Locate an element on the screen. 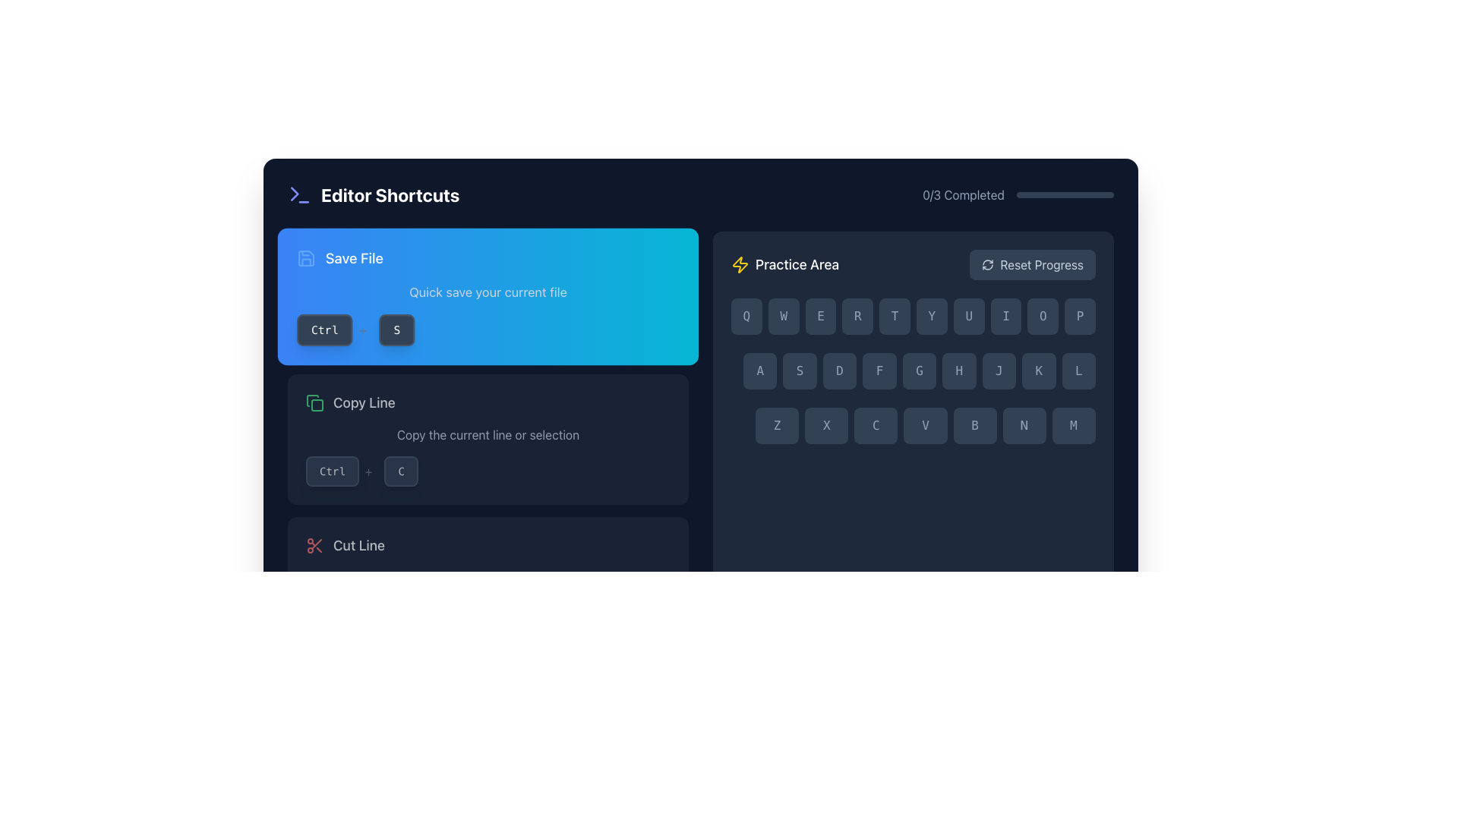 Image resolution: width=1458 pixels, height=820 pixels. the 'Y' key, which is a rounded rectangular button with a dark slate blue background and light slate gray text, positioned centrally in the practice area on the right side of the interface is located at coordinates (931, 315).